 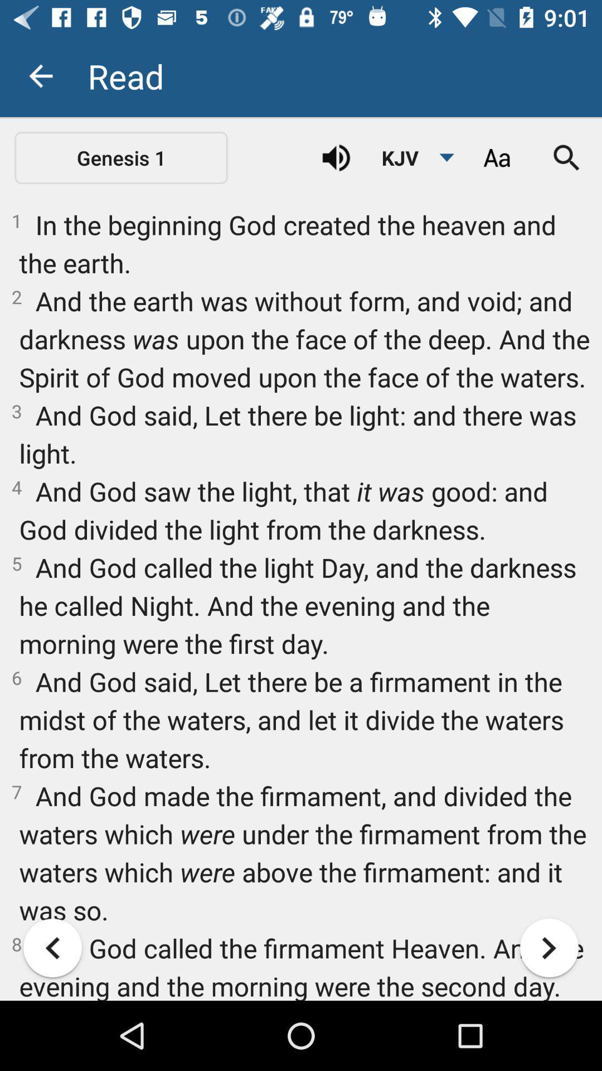 I want to click on icon above 1 in the, so click(x=121, y=157).